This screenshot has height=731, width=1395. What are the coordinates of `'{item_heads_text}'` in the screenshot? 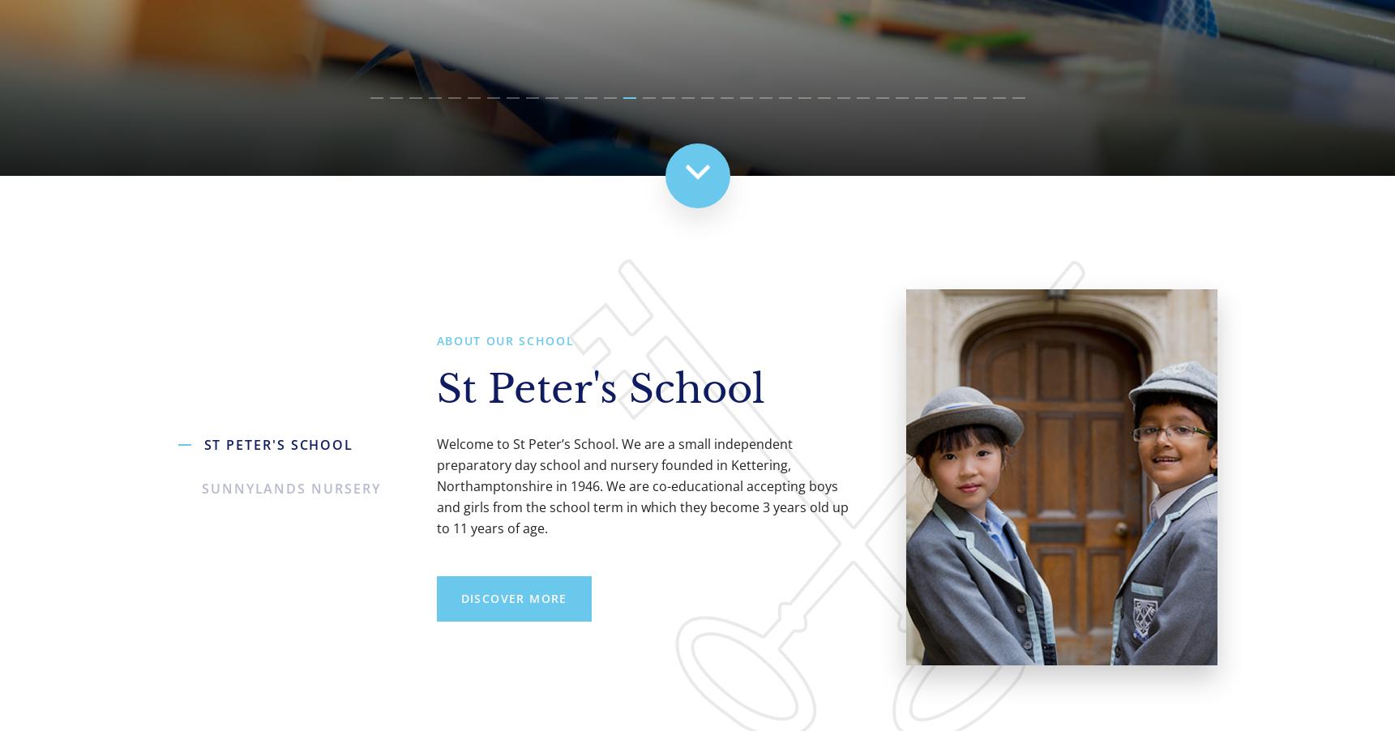 It's located at (434, 442).